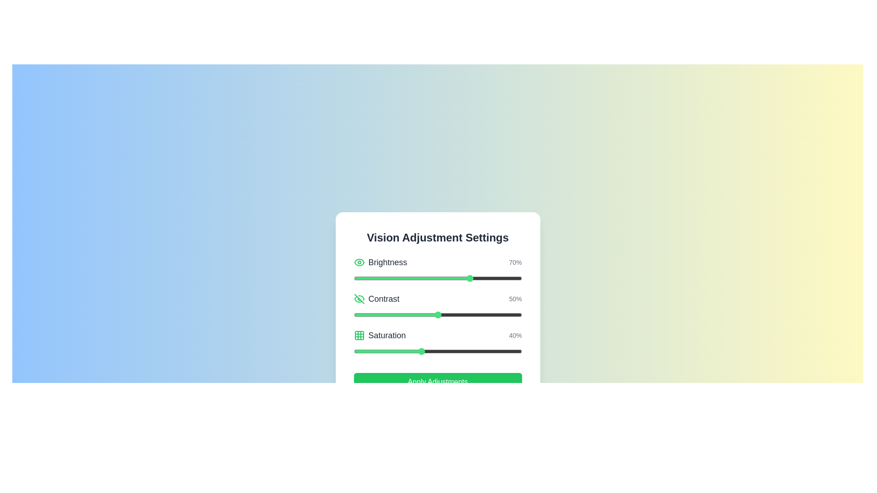  Describe the element at coordinates (415, 351) in the screenshot. I see `the saturation slider to set the saturation level to 37%` at that location.